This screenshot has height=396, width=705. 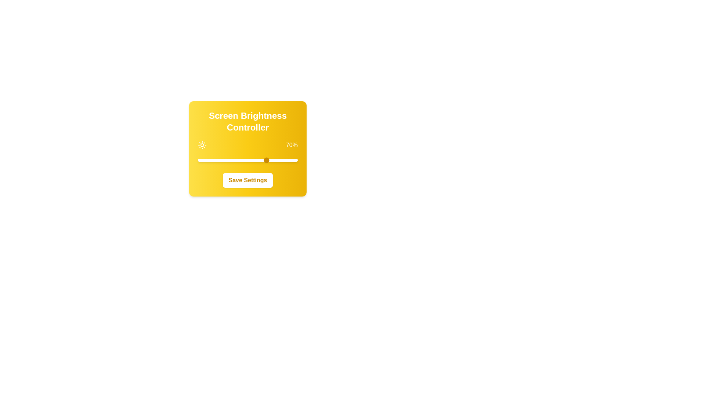 What do you see at coordinates (202, 145) in the screenshot?
I see `the screen brightness icon to interact with it` at bounding box center [202, 145].